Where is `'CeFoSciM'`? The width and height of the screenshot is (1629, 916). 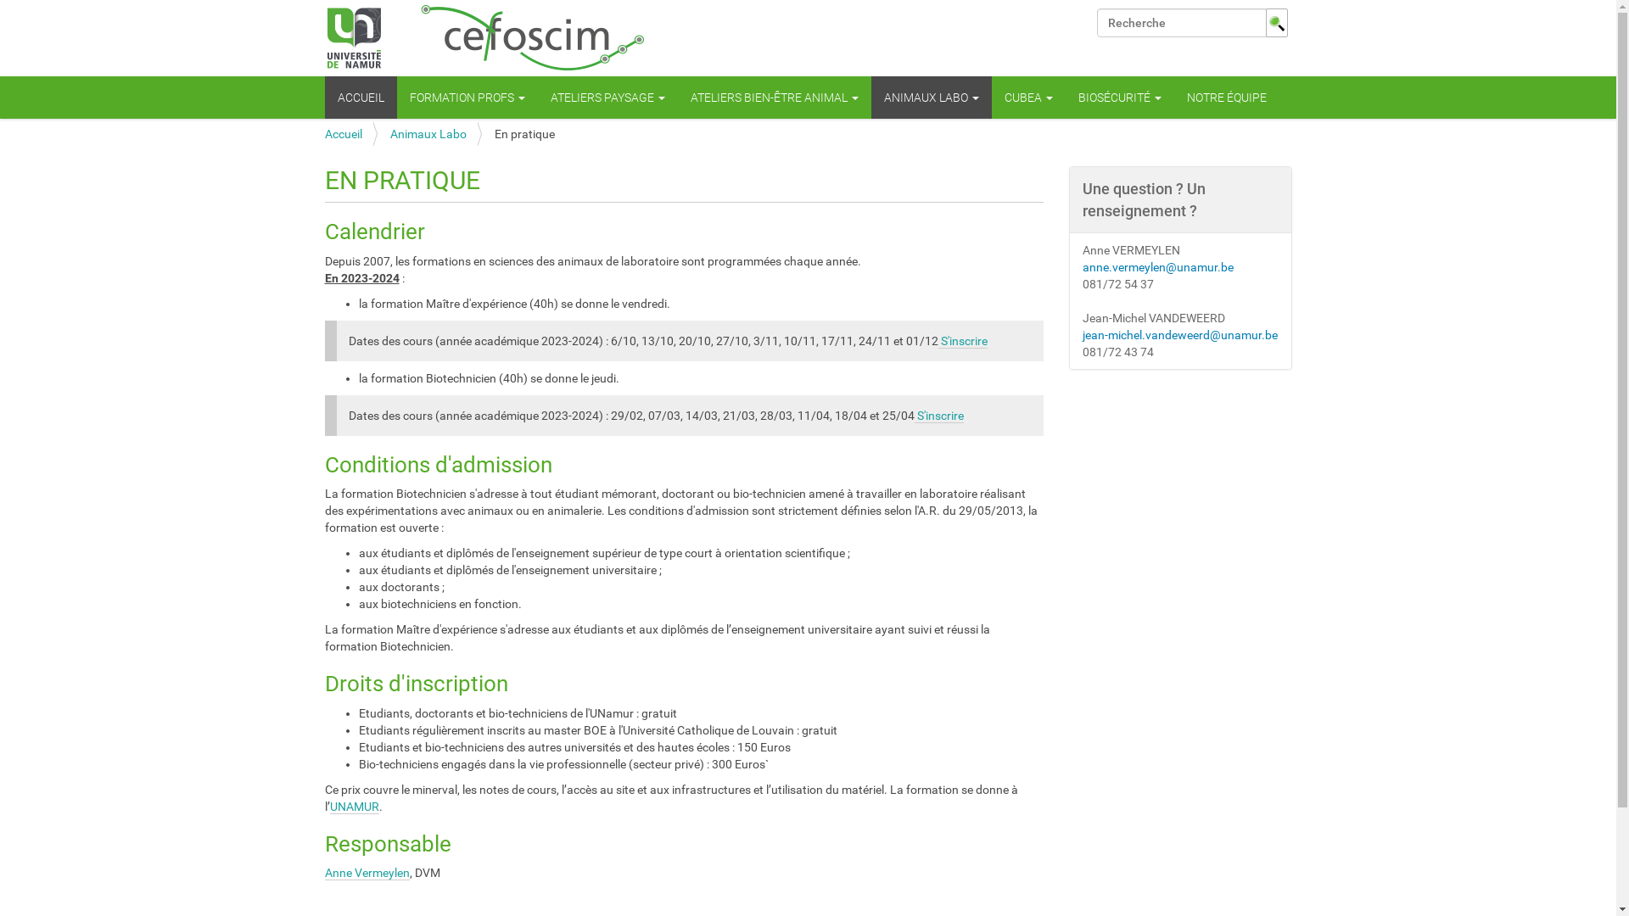 'CeFoSciM' is located at coordinates (484, 38).